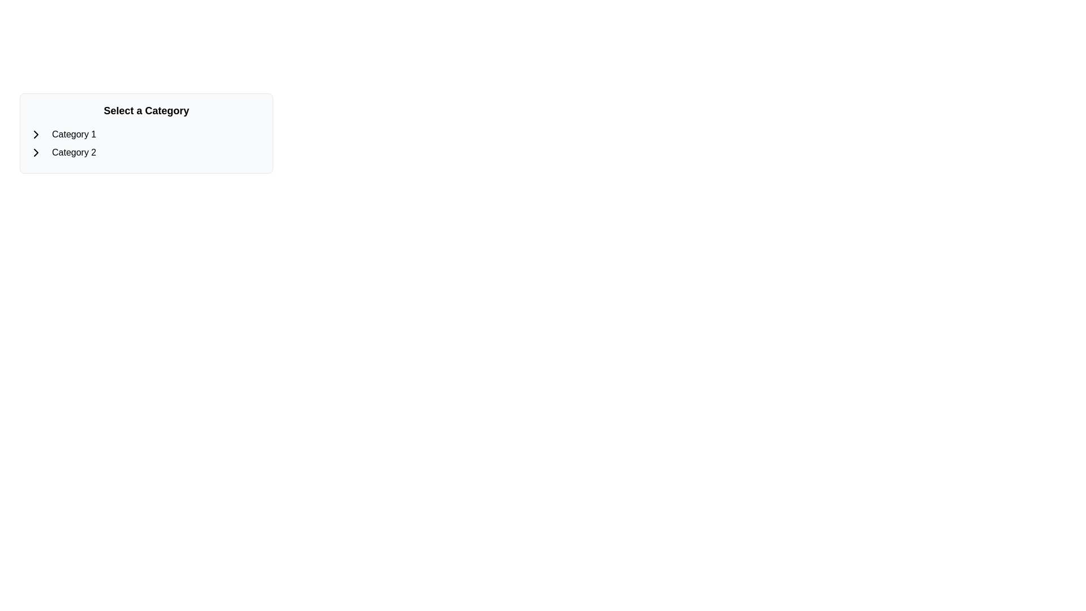  Describe the element at coordinates (36, 153) in the screenshot. I see `the right-pointing chevron arrow icon that denotes an expandable or collapsible hierarchical list associated with 'Category 2'` at that location.